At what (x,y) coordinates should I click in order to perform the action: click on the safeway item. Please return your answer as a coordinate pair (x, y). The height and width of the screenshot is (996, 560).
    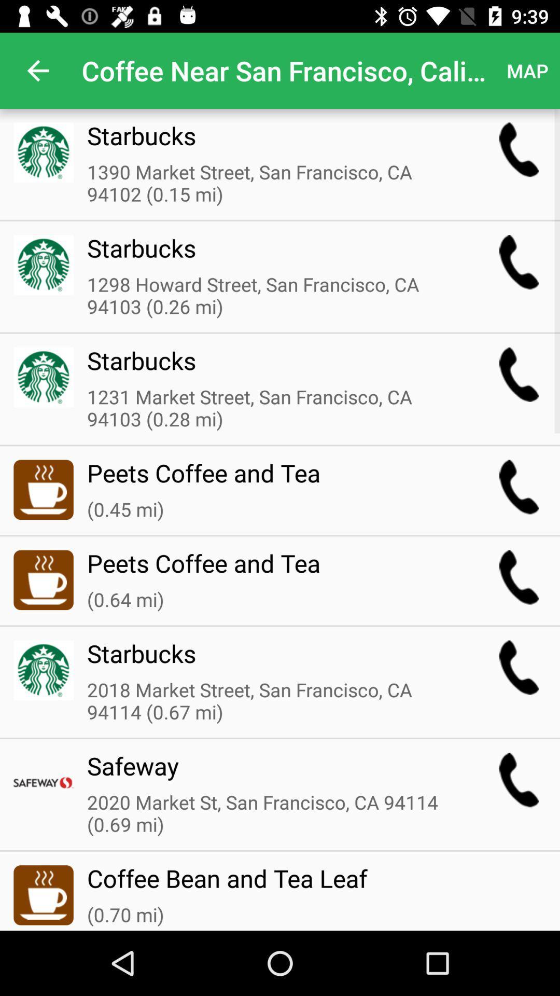
    Looking at the image, I should click on (272, 772).